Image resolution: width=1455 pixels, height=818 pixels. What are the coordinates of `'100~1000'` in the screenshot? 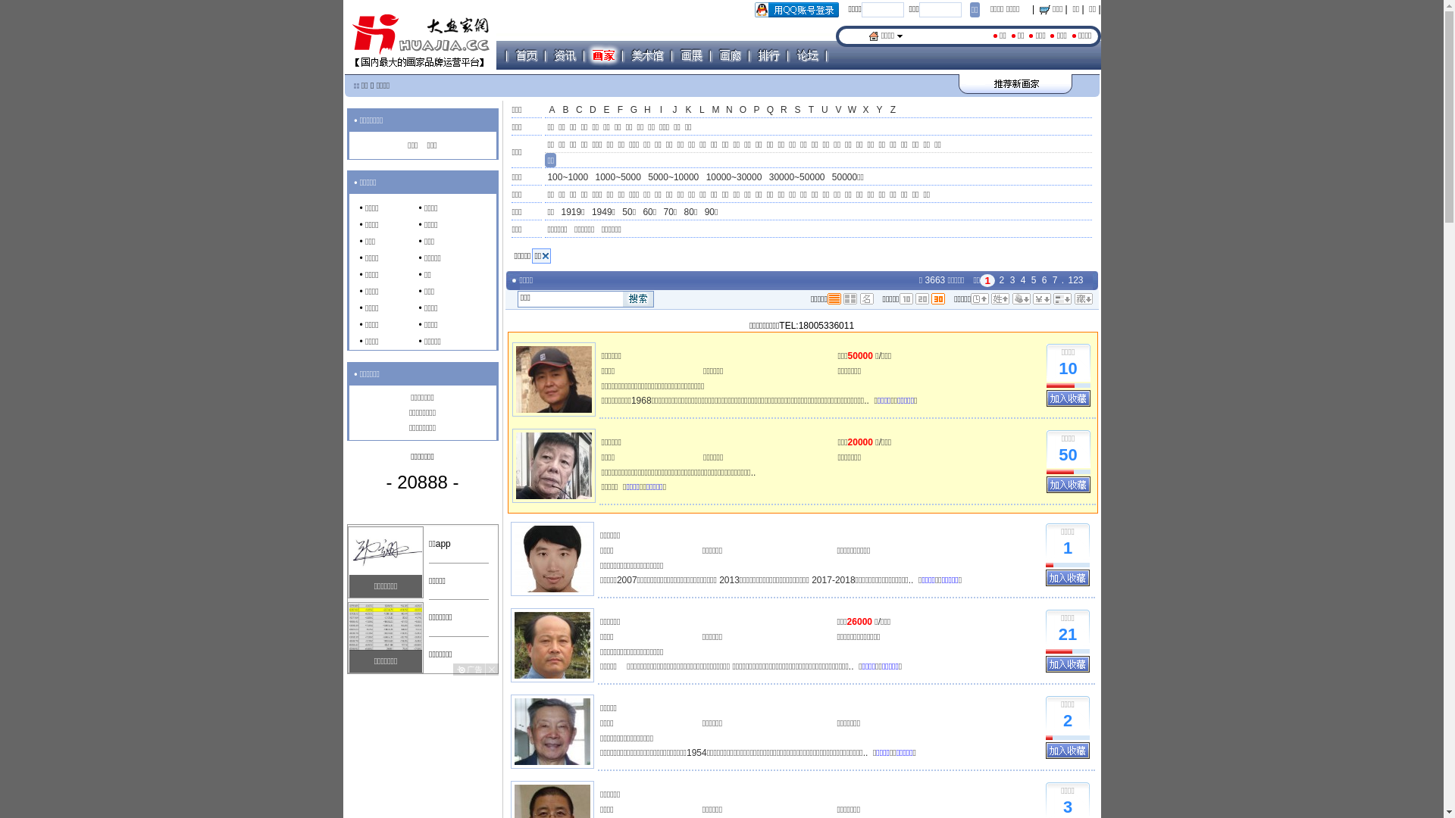 It's located at (545, 177).